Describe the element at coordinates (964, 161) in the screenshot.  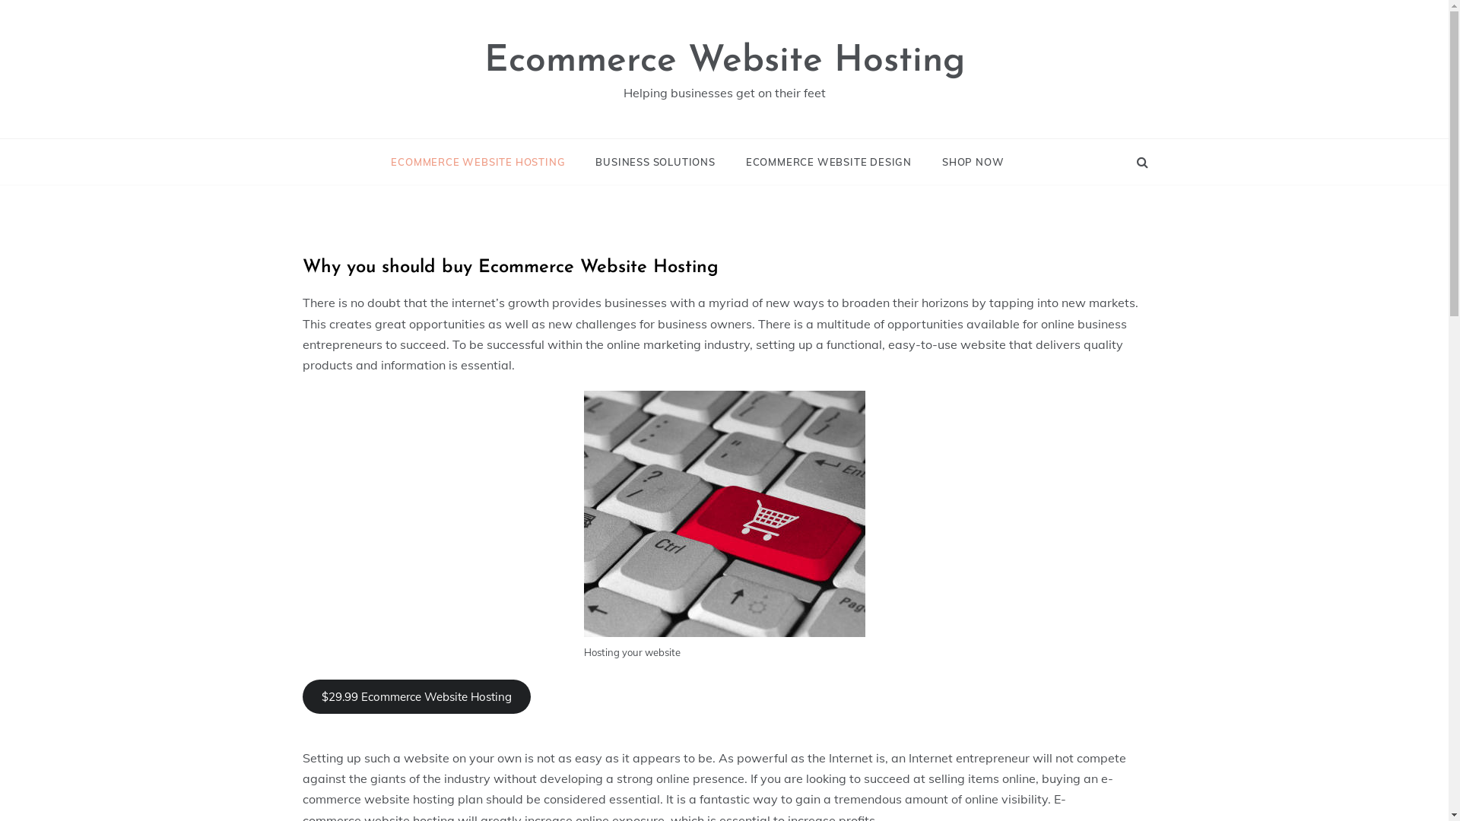
I see `'SHOP NOW'` at that location.